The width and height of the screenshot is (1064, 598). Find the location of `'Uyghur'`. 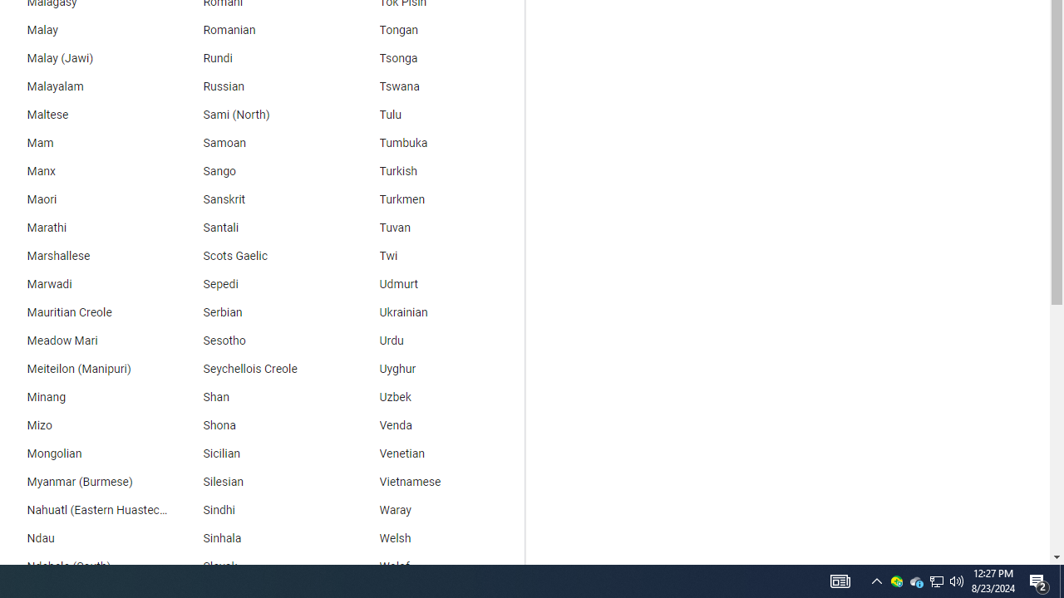

'Uyghur' is located at coordinates (436, 368).